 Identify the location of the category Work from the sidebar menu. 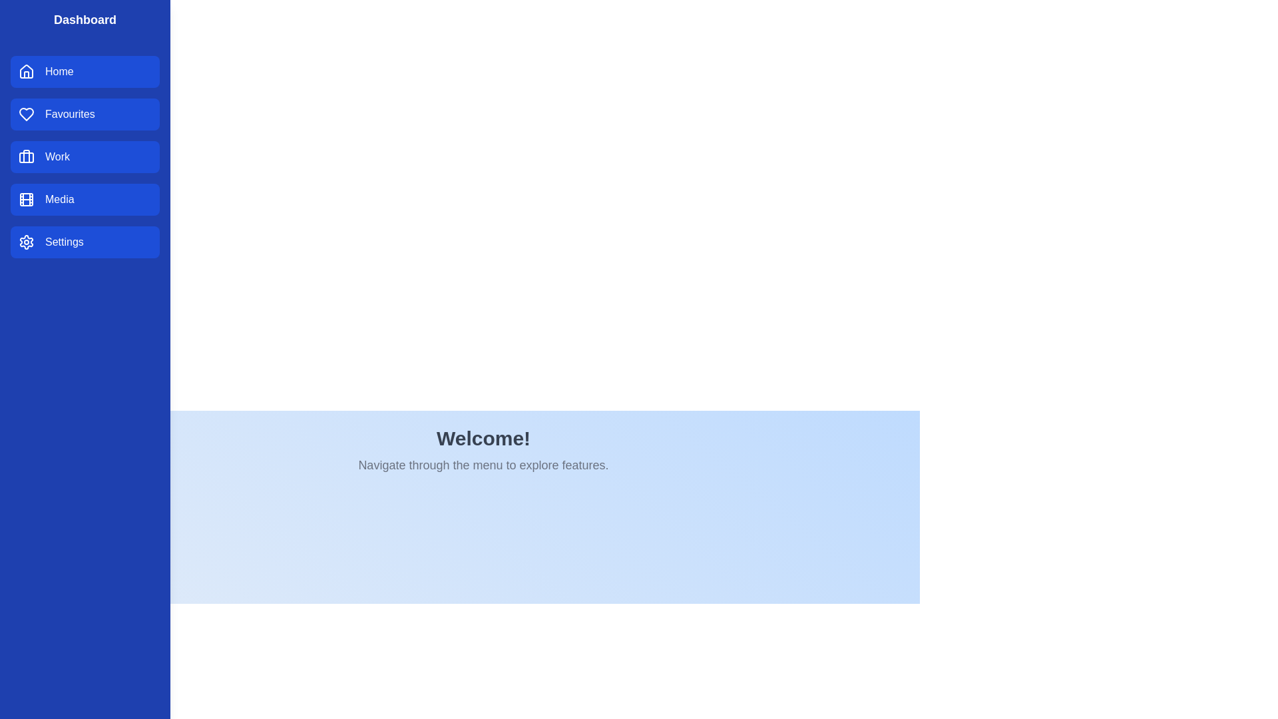
(85, 156).